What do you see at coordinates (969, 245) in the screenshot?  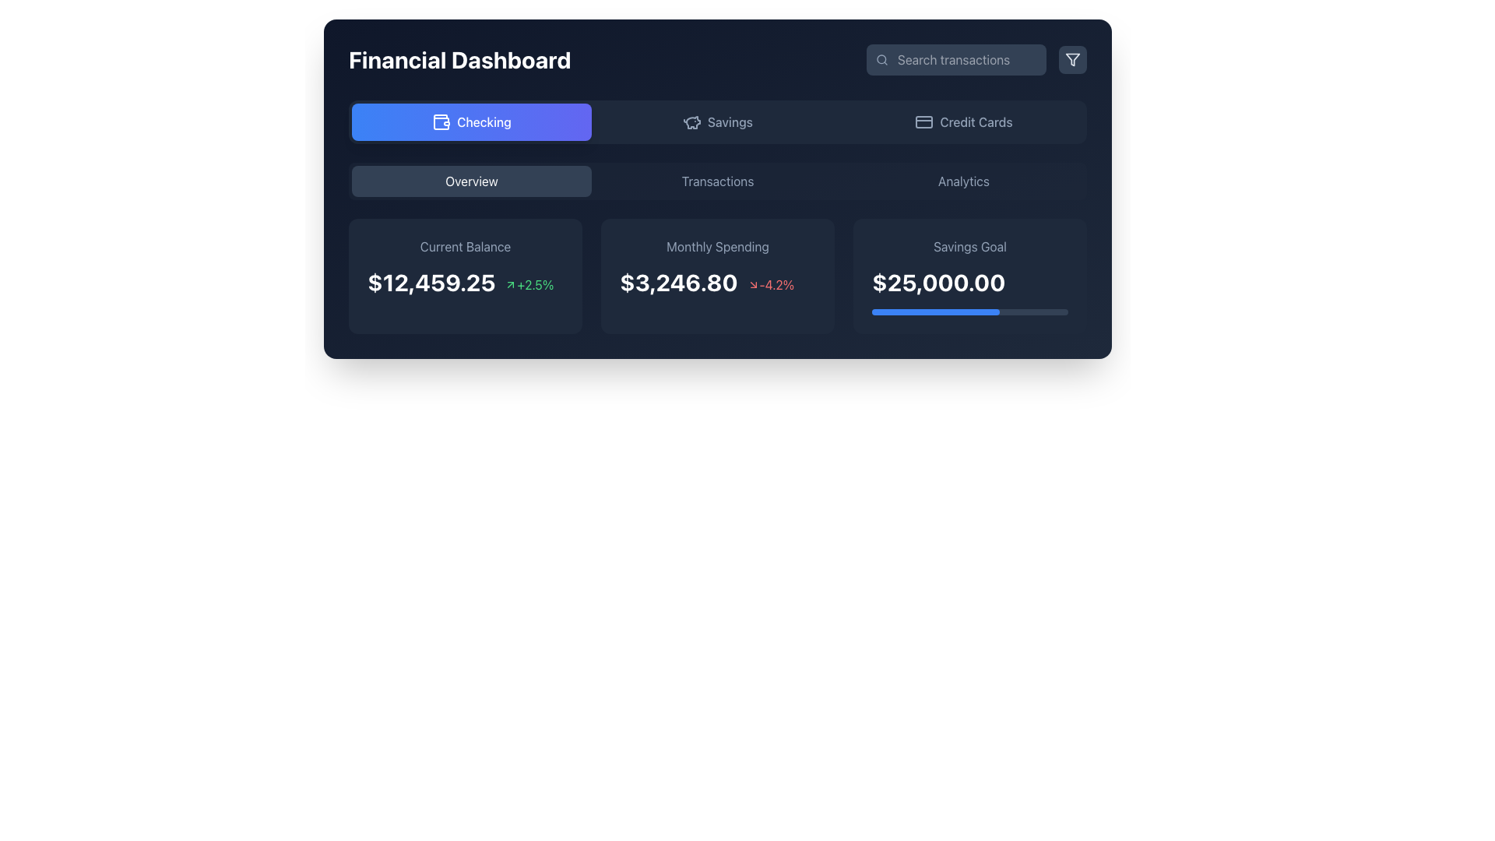 I see `the 'Savings Goal' text label displayed in light gray font against a dark background, located at the top of a card-like section on the right side of the interface` at bounding box center [969, 245].